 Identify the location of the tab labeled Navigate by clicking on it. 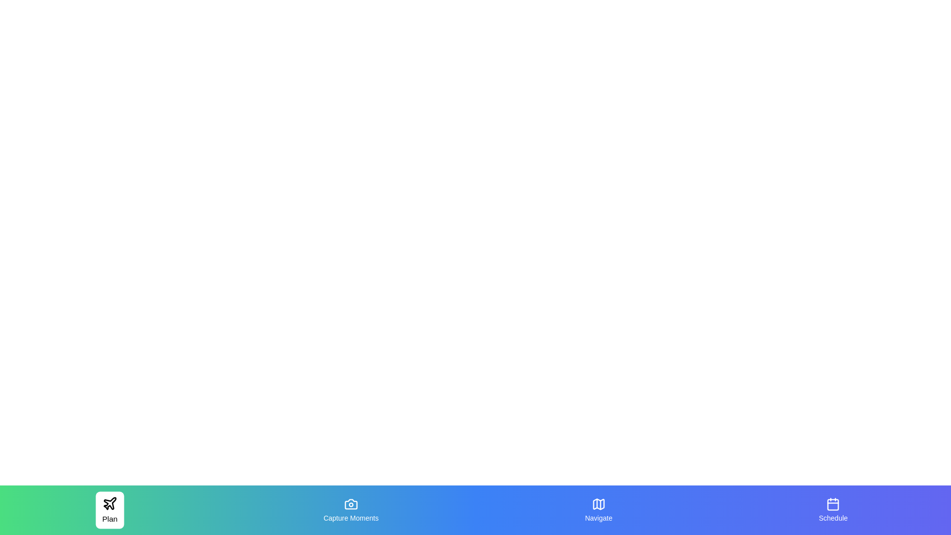
(598, 510).